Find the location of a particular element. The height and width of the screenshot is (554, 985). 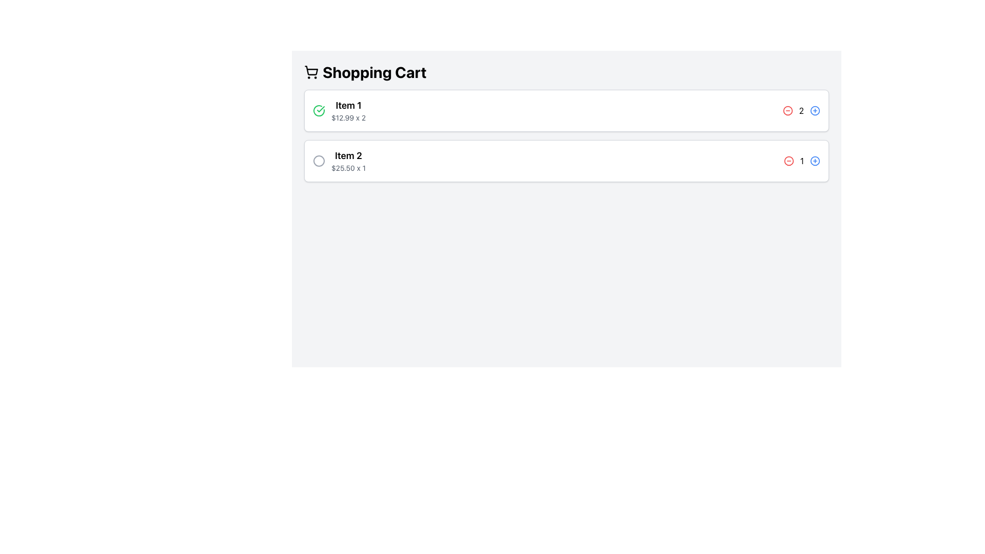

the circular SVG element that represents 'Item 2' in the shopping cart interface, which has a 10-pixel radius and is styled with no fill and a grey stroke color is located at coordinates (319, 161).